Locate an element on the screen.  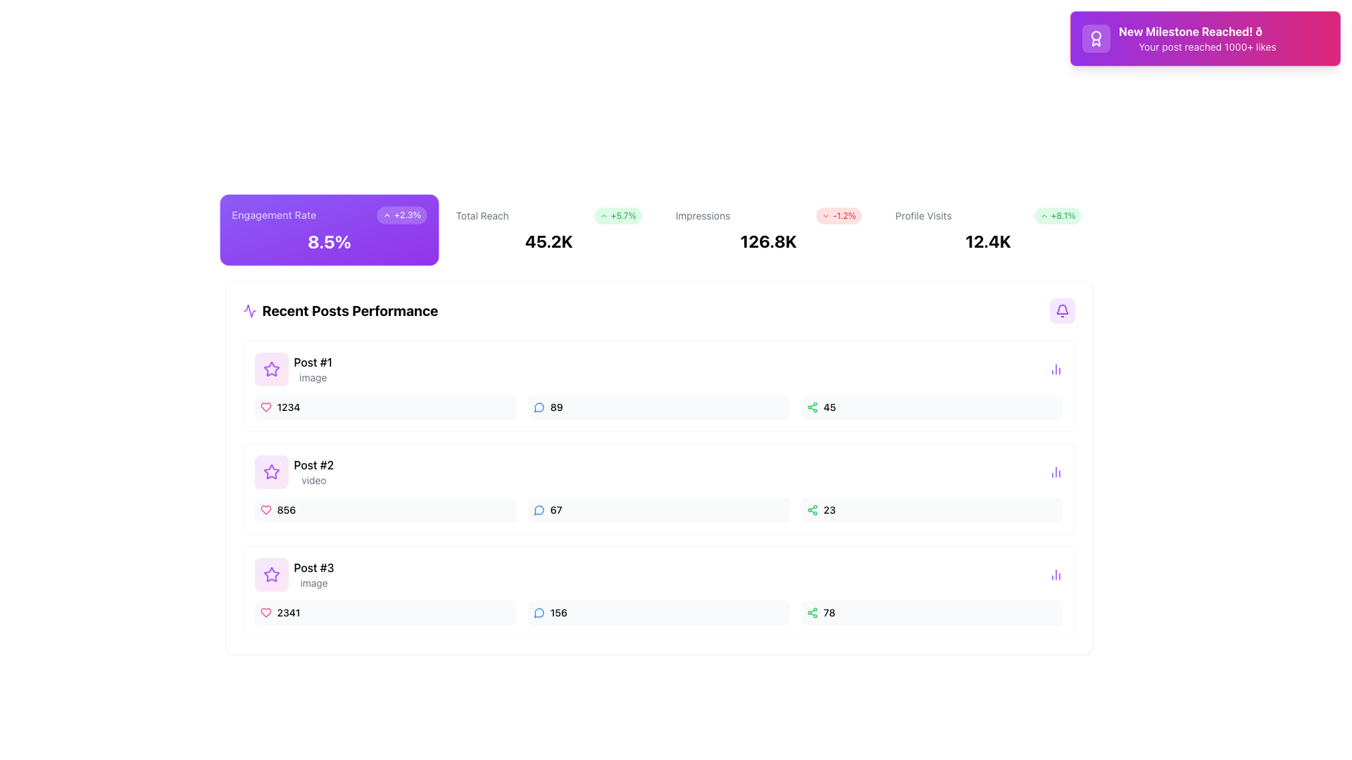
the green icon consisting of three connected circles arranged in a triangular formation to initiate the share action is located at coordinates (812, 407).